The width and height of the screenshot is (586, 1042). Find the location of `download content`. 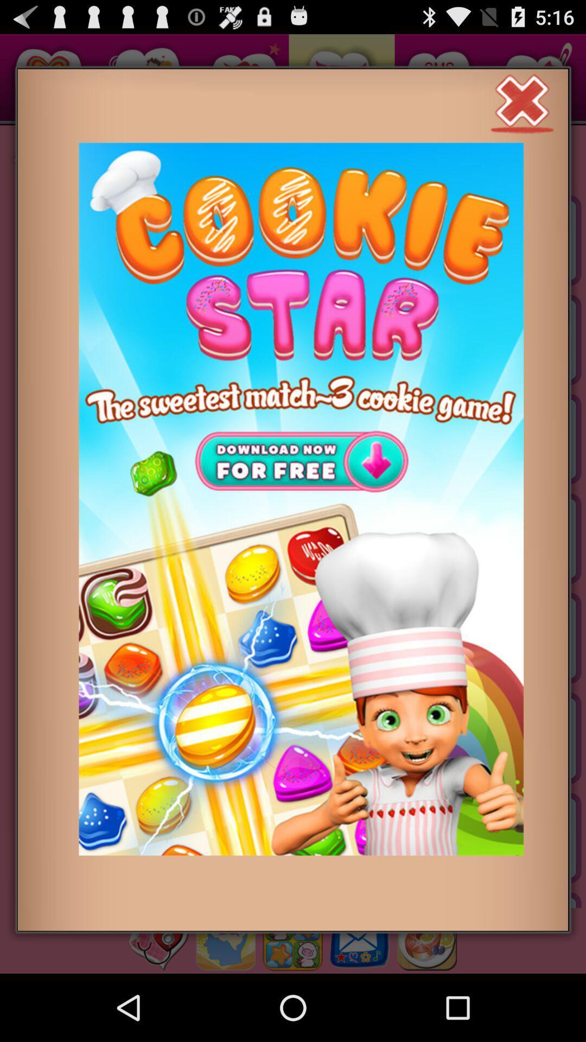

download content is located at coordinates (301, 498).